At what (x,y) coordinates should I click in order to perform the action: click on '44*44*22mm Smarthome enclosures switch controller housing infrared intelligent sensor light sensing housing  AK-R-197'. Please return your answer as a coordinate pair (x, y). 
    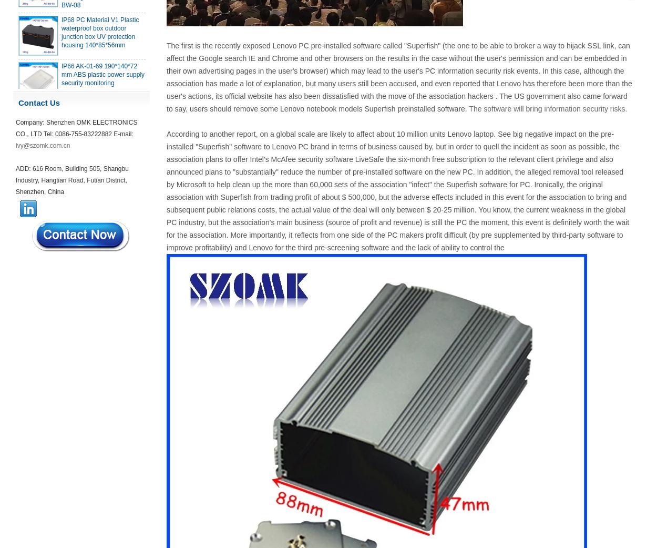
    Looking at the image, I should click on (61, 419).